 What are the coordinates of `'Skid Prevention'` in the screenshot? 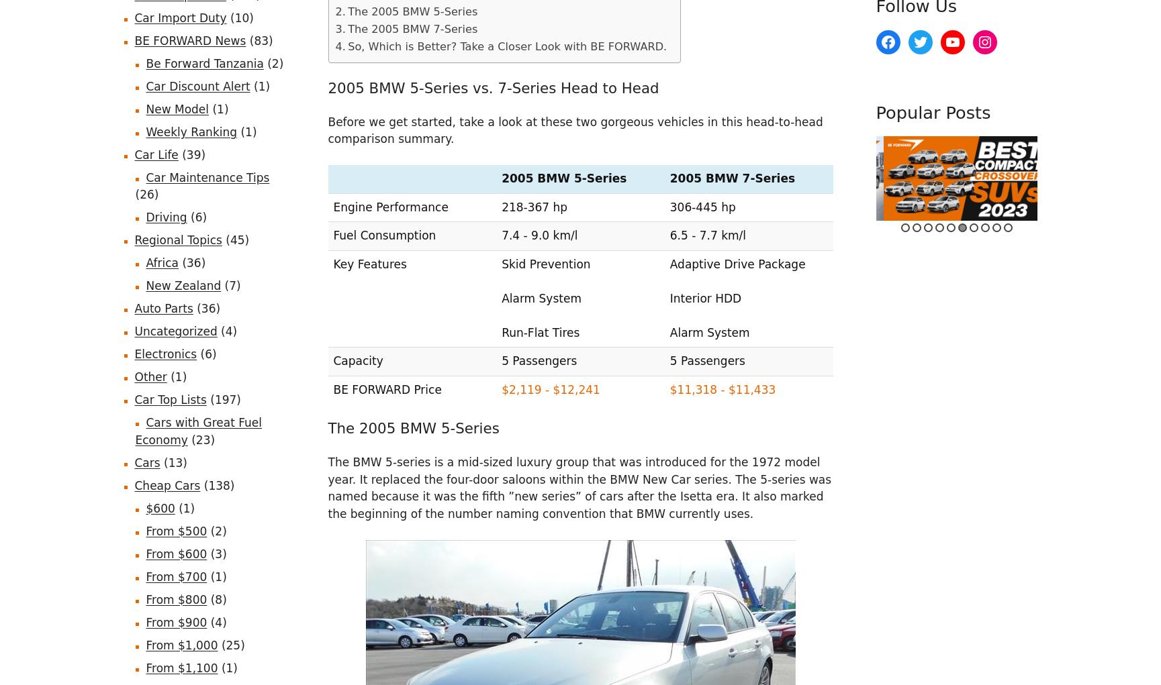 It's located at (501, 263).